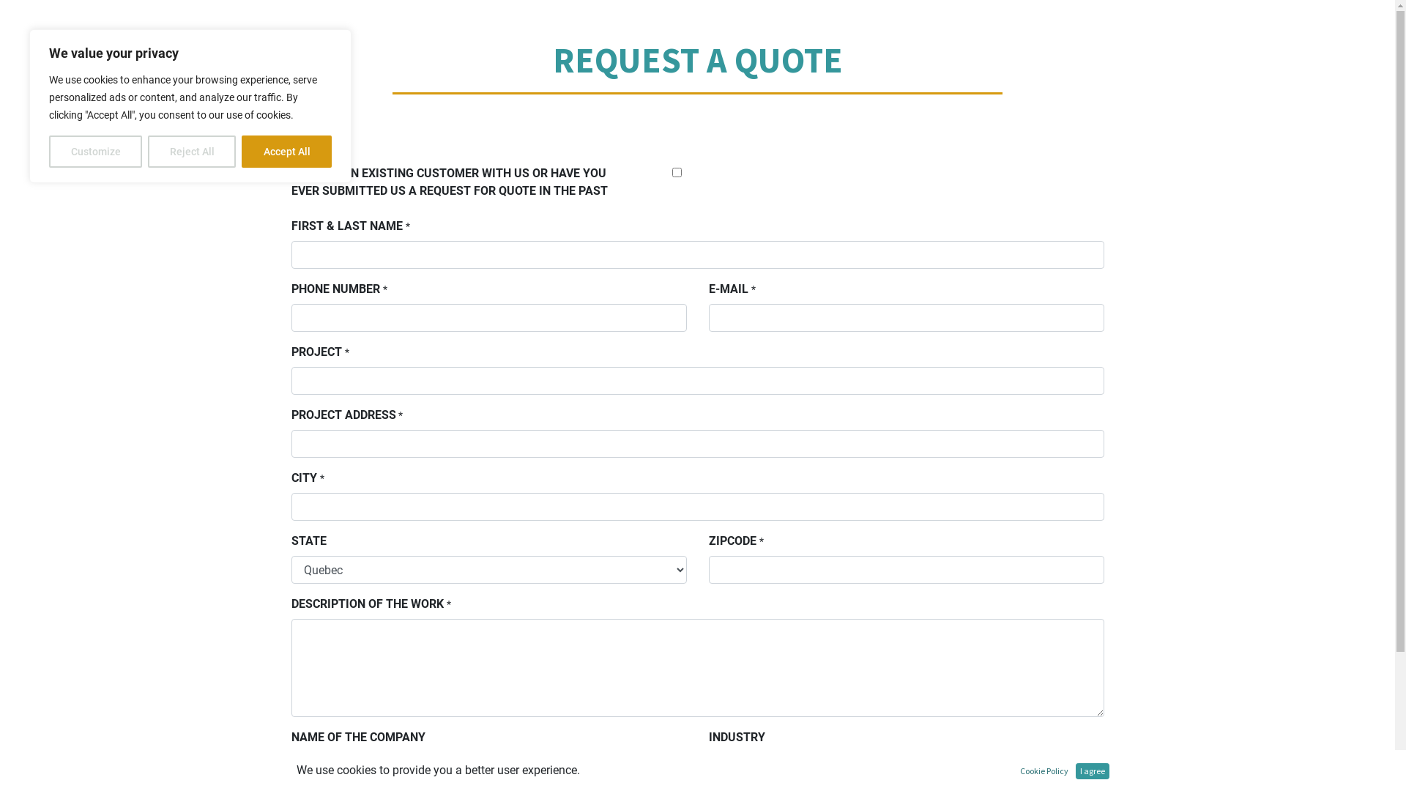 Image resolution: width=1406 pixels, height=791 pixels. I want to click on 'Customize', so click(94, 152).